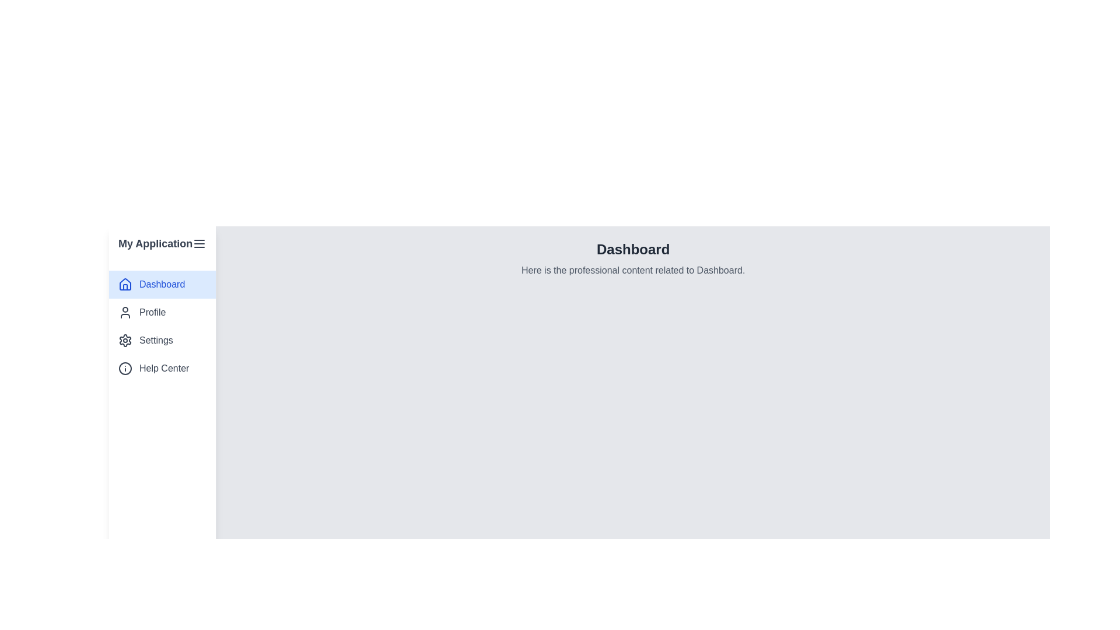  Describe the element at coordinates (163, 369) in the screenshot. I see `'Help Center' text label located in the vertical menu on the left-hand side of the interface, which is the last option below 'Settings'` at that location.